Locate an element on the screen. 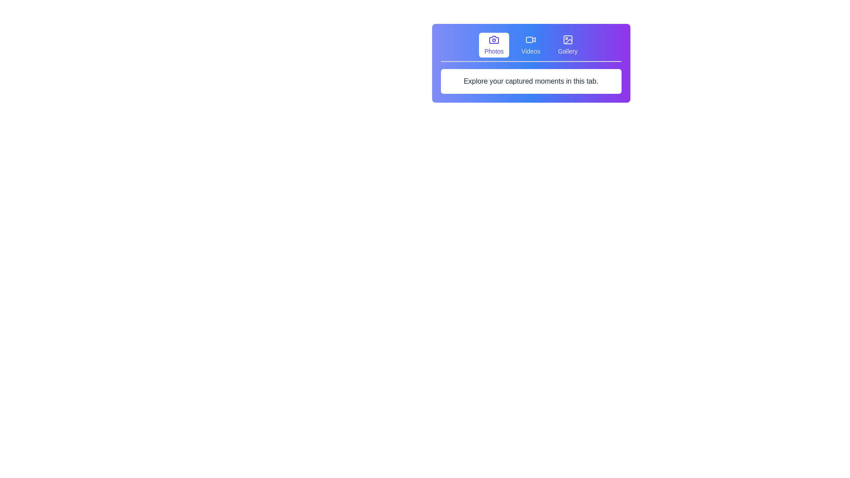  the Static Text Description element, which provides an informational description below the tabs labeled 'Photos', 'Videos', and 'Gallery' is located at coordinates (531, 81).